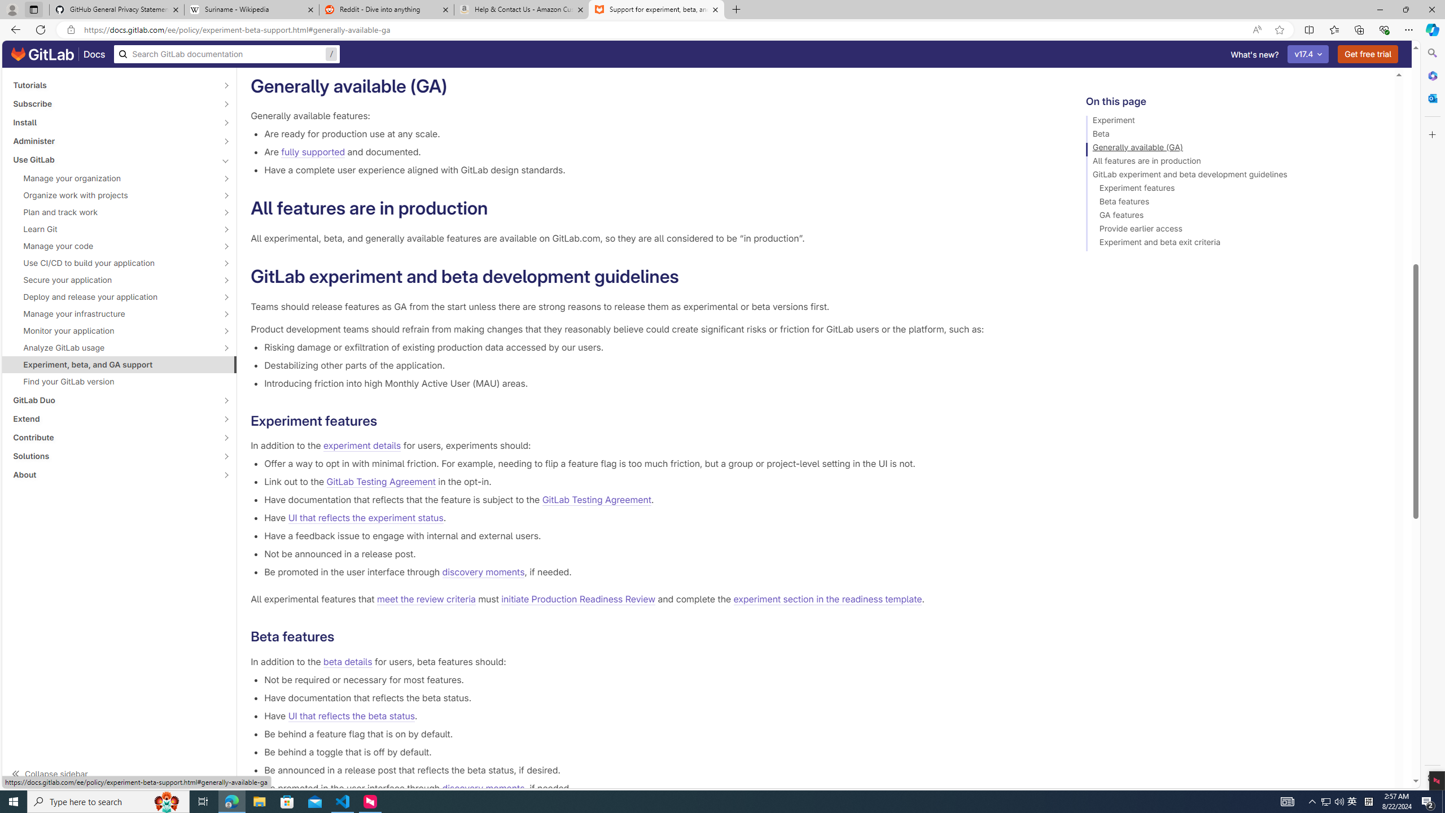  Describe the element at coordinates (112, 212) in the screenshot. I see `'Plan and track work'` at that location.